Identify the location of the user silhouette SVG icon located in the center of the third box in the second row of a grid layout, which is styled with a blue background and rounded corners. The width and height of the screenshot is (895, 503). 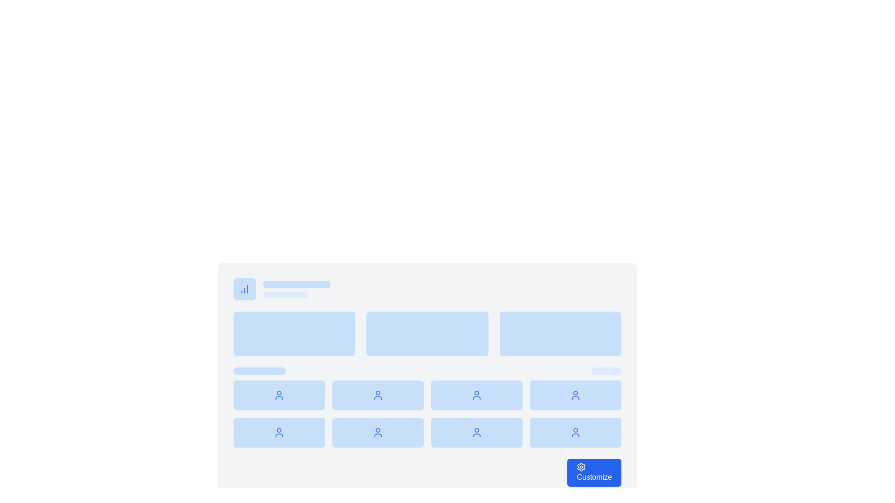
(476, 395).